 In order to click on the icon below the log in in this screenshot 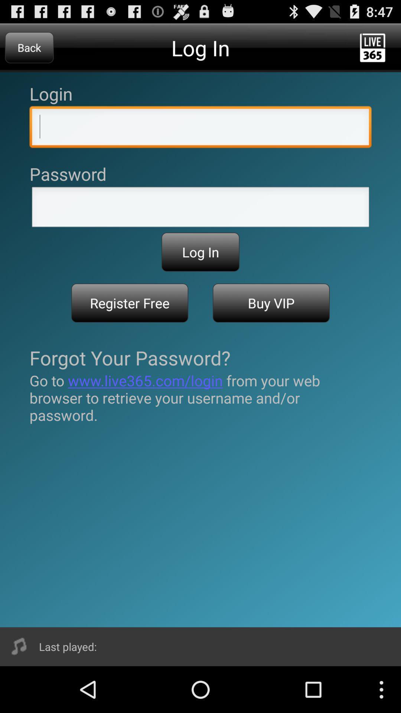, I will do `click(129, 303)`.